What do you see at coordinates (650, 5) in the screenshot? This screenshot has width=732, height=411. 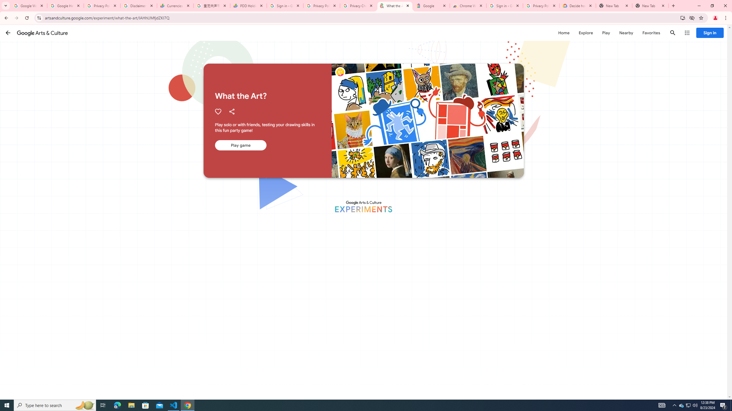 I see `'New Tab'` at bounding box center [650, 5].